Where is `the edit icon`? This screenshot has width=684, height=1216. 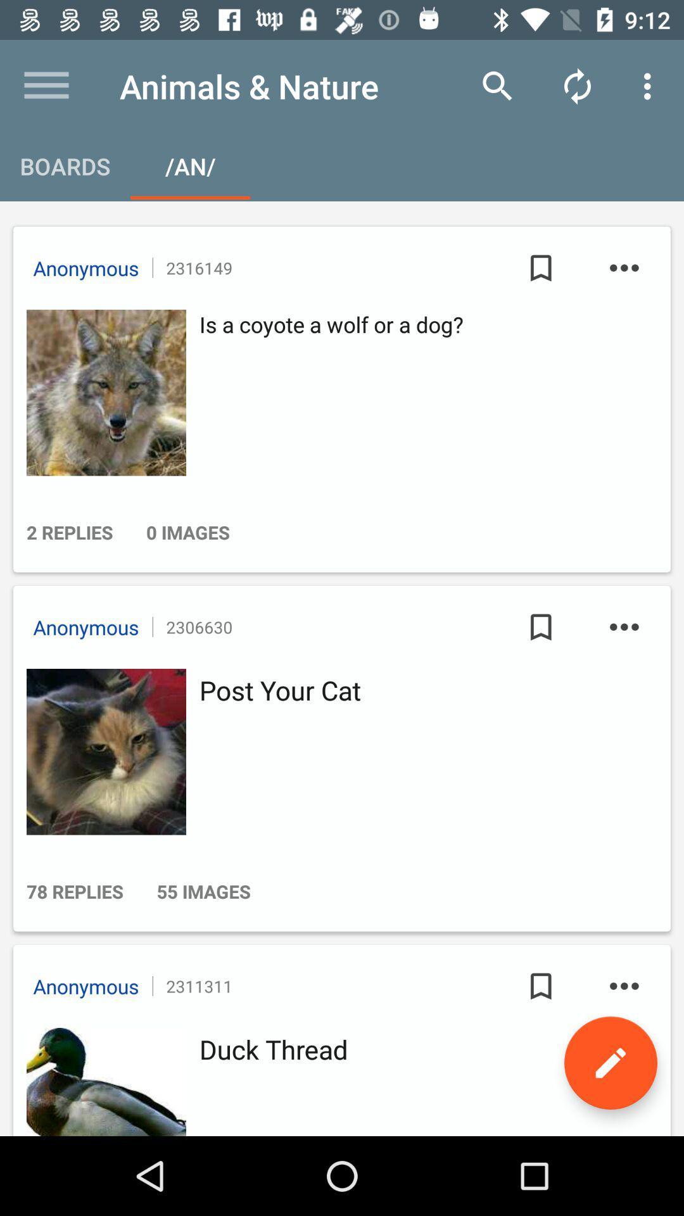 the edit icon is located at coordinates (610, 1063).